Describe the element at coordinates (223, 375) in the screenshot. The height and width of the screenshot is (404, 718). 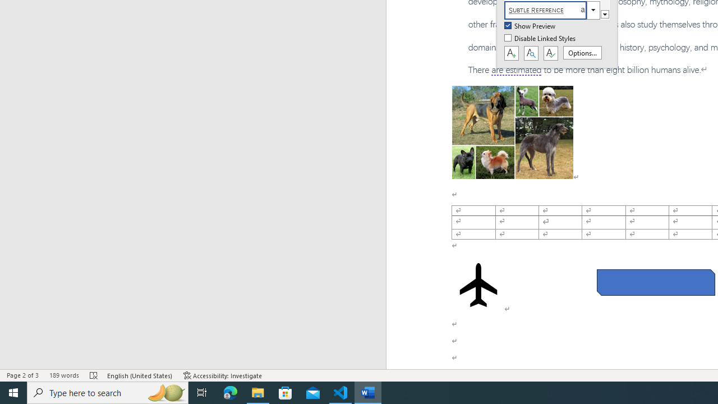
I see `'Accessibility Checker Accessibility: Investigate'` at that location.